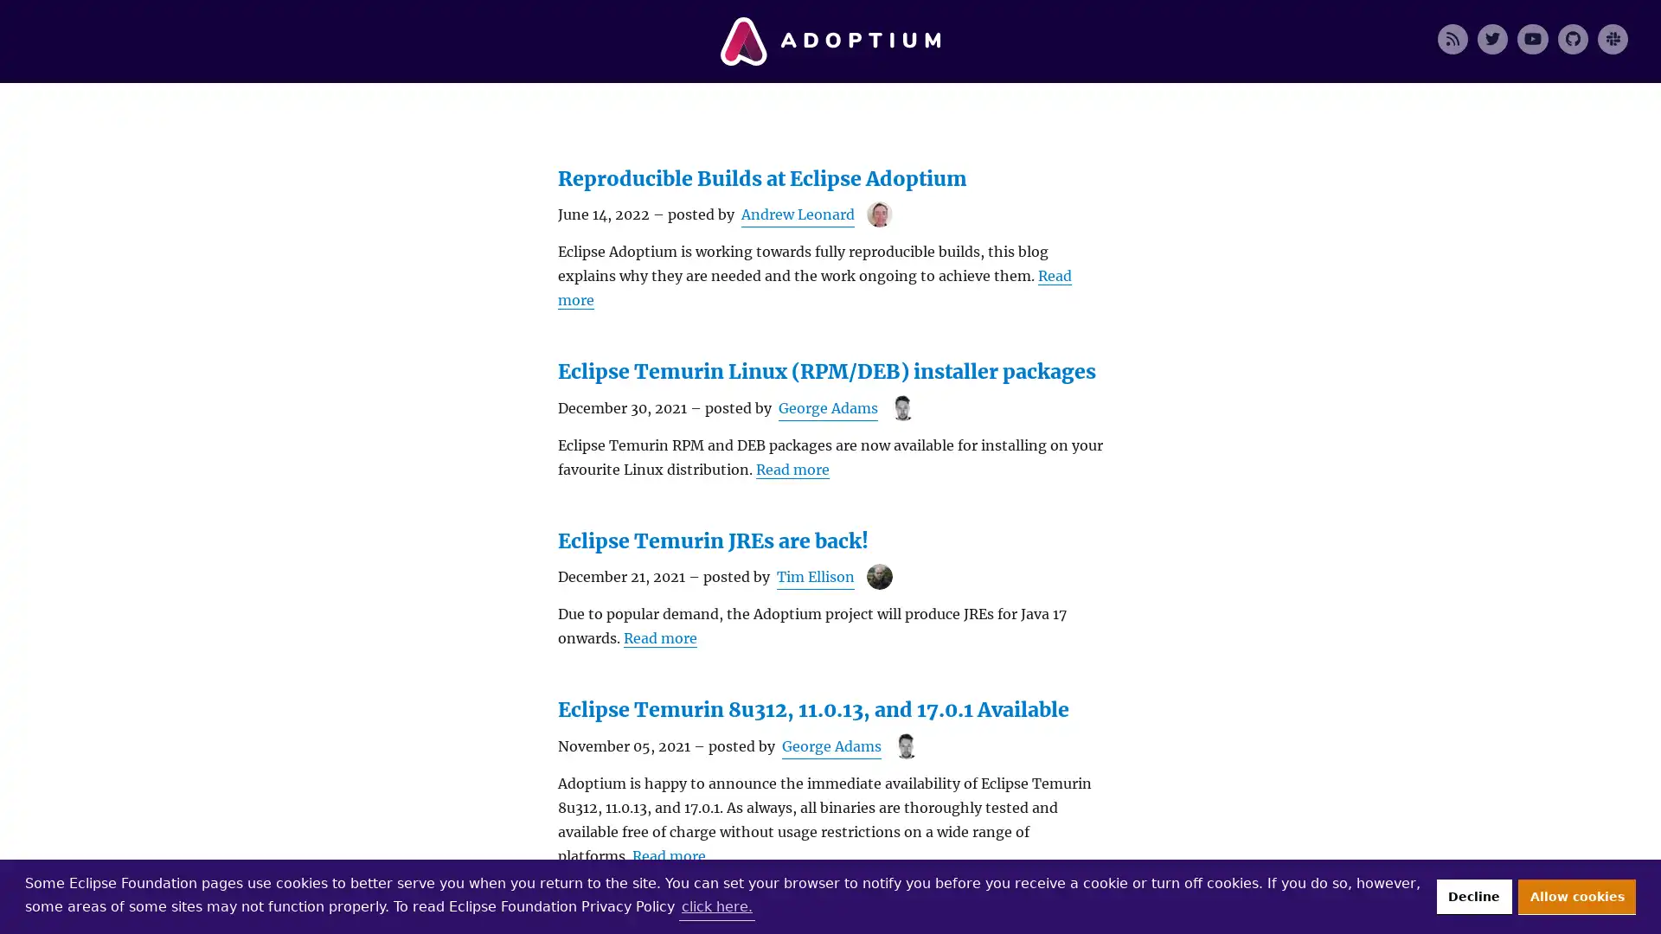 This screenshot has height=934, width=1661. I want to click on allow cookies, so click(1577, 895).